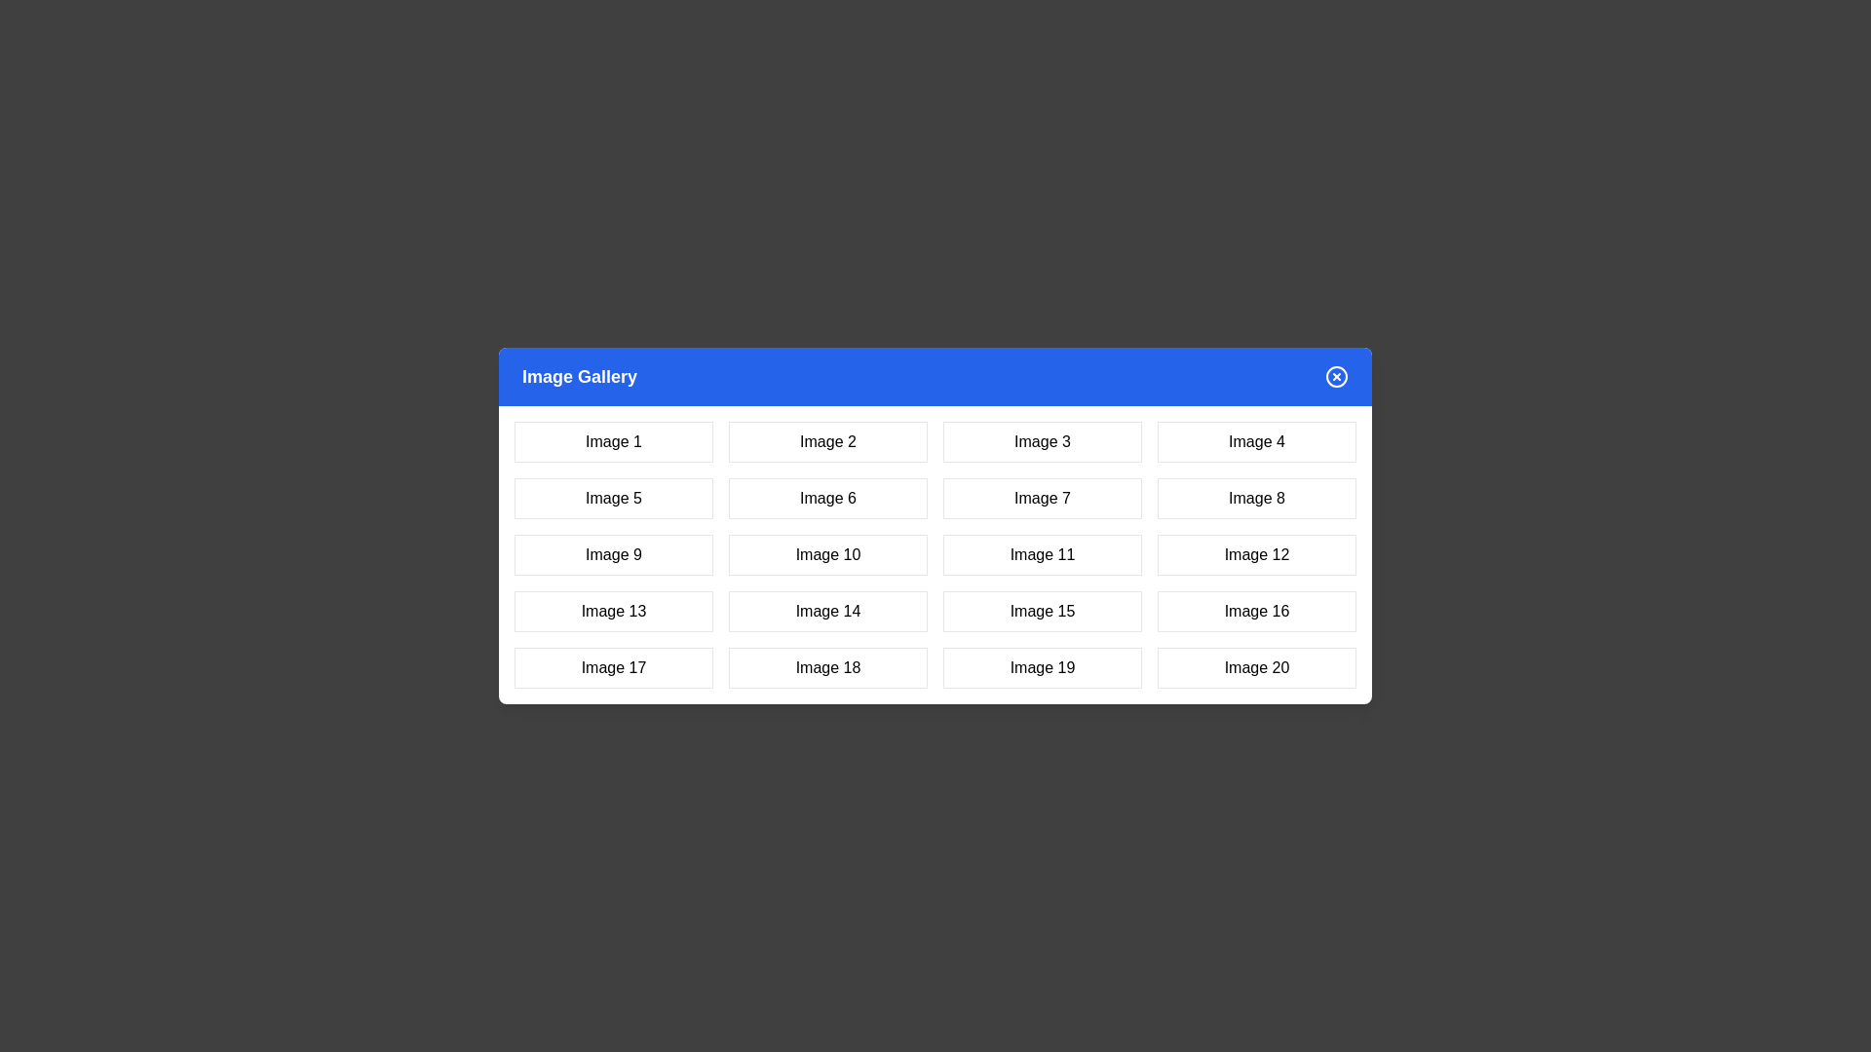 The image size is (1871, 1052). Describe the element at coordinates (1336, 376) in the screenshot. I see `the close button to close the dialog` at that location.